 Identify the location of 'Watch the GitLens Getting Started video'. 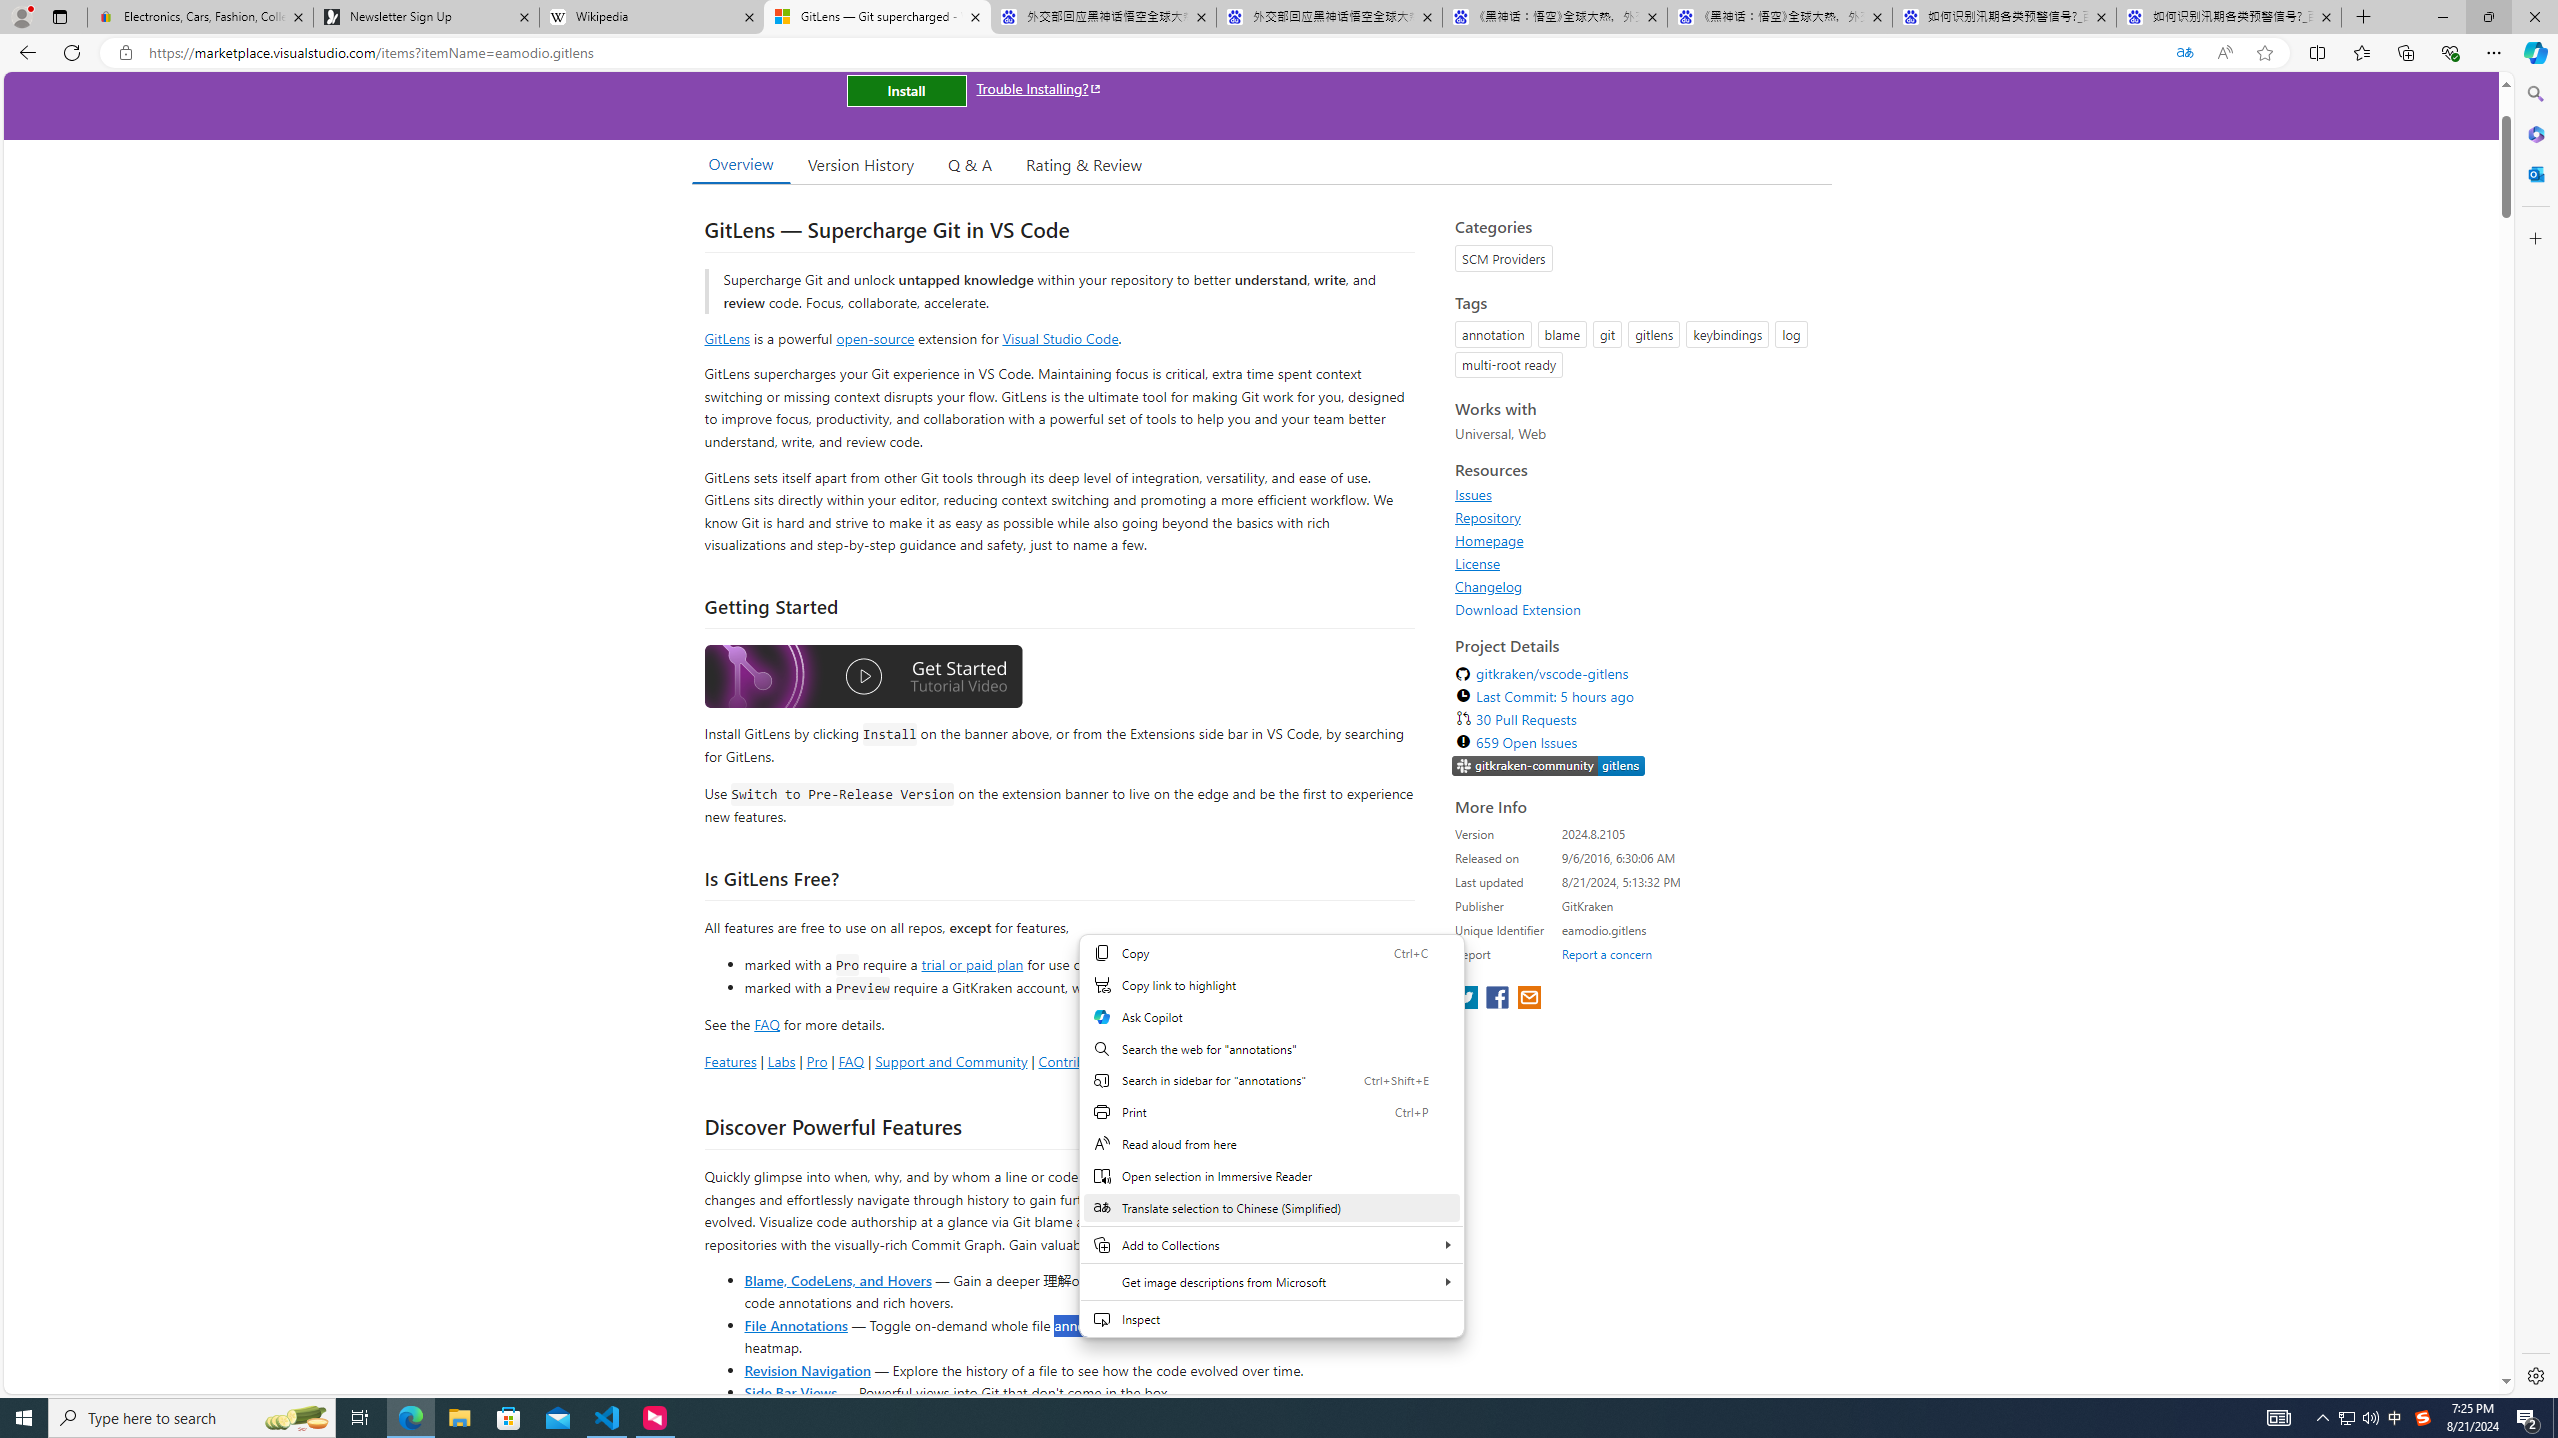
(863, 680).